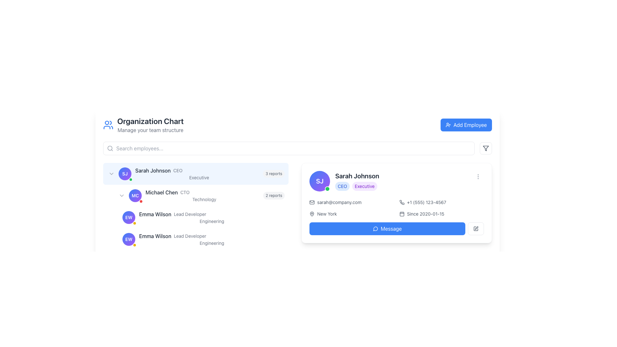  I want to click on informational Text label adjacent to 'Emma Wilson', which signifies the job role or position title, so click(190, 214).